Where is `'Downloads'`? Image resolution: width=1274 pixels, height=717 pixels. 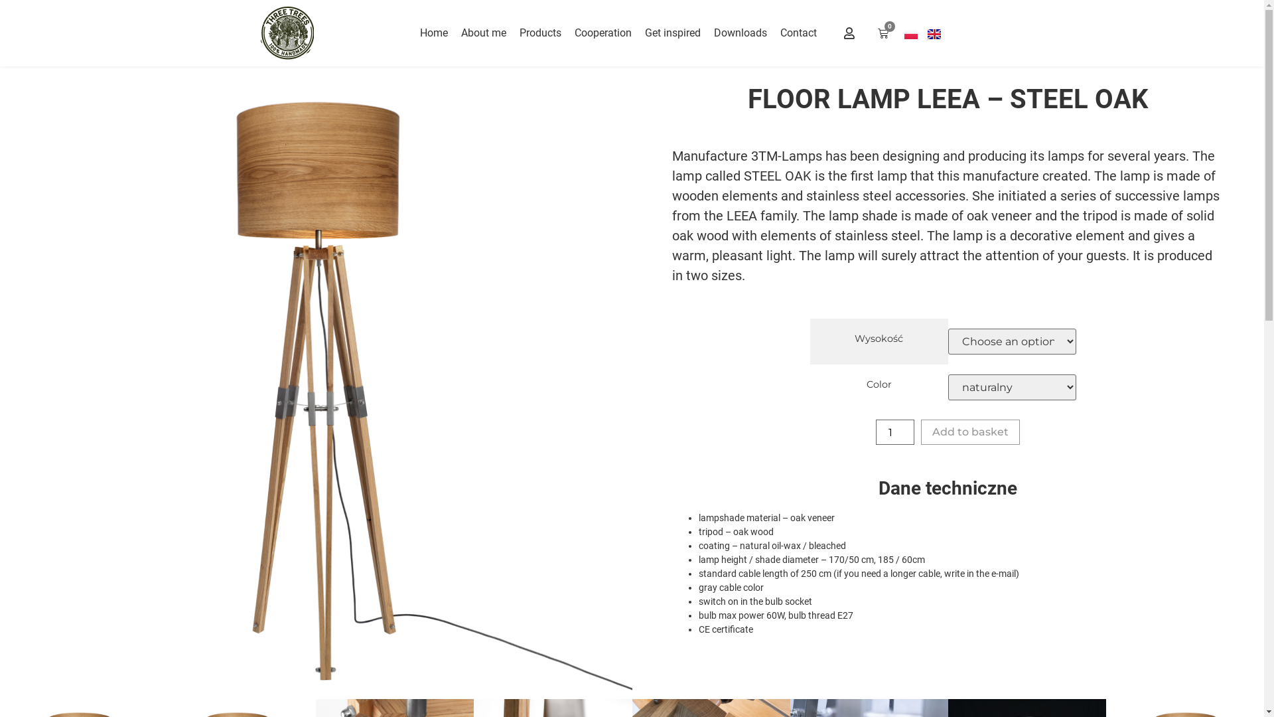 'Downloads' is located at coordinates (706, 33).